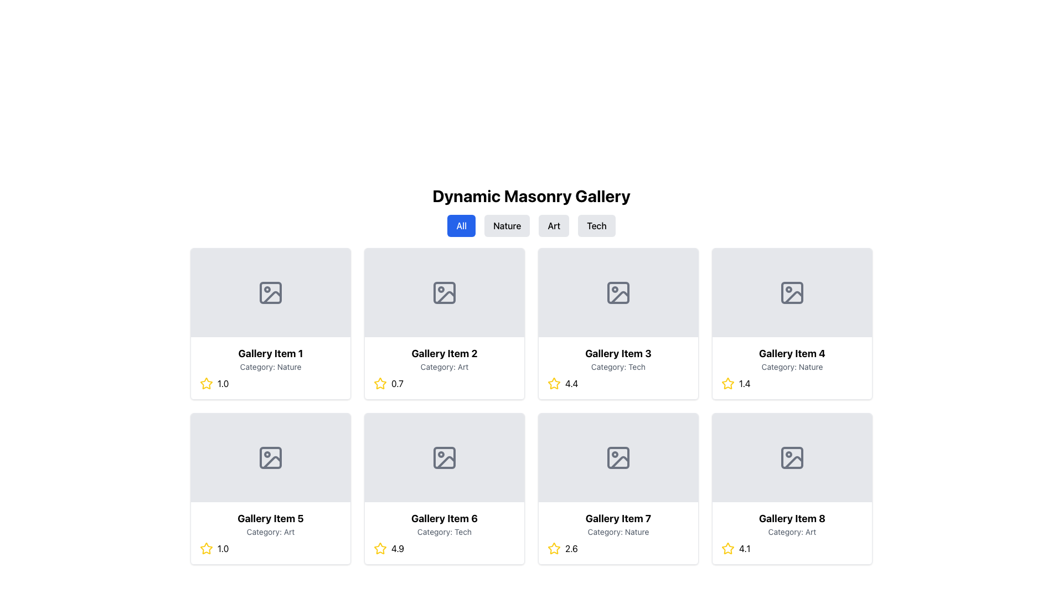  I want to click on bold text label displaying 'Gallery Item 5' located in the second row, first column of the gallery layout, so click(271, 519).